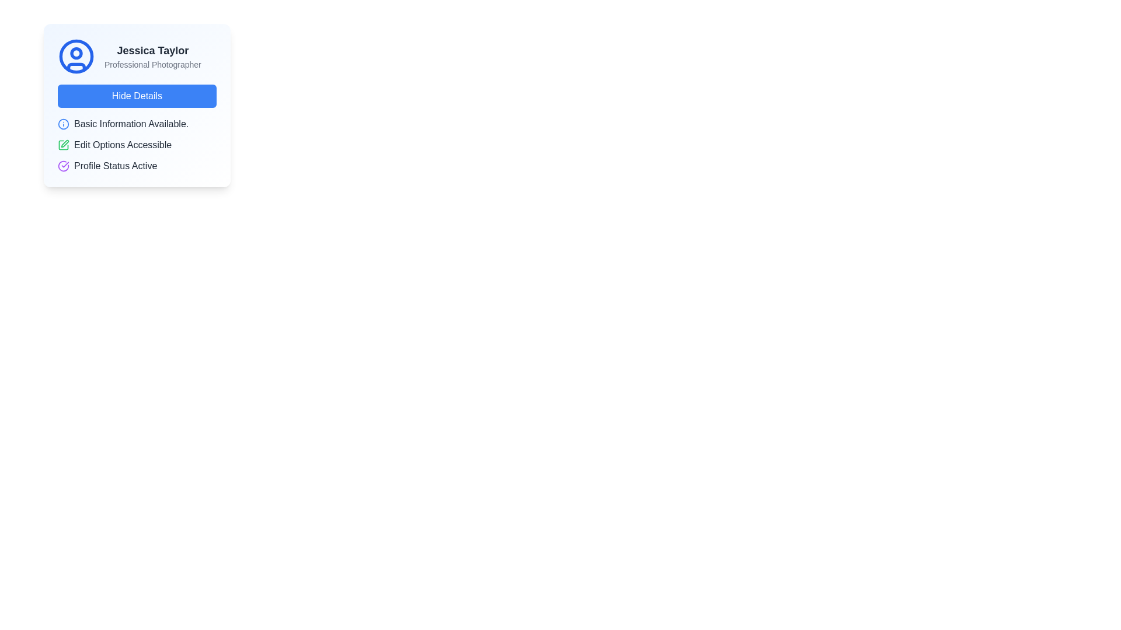 This screenshot has width=1121, height=630. I want to click on the edit icon located to the left of the text 'Edit Options Accessible' which triggers the modification feature, so click(63, 145).